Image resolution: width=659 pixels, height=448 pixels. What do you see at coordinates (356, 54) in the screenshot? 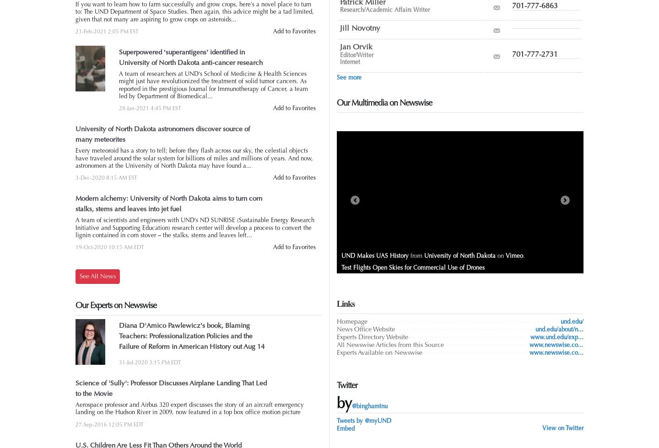
I see `'Editor/Writer'` at bounding box center [356, 54].